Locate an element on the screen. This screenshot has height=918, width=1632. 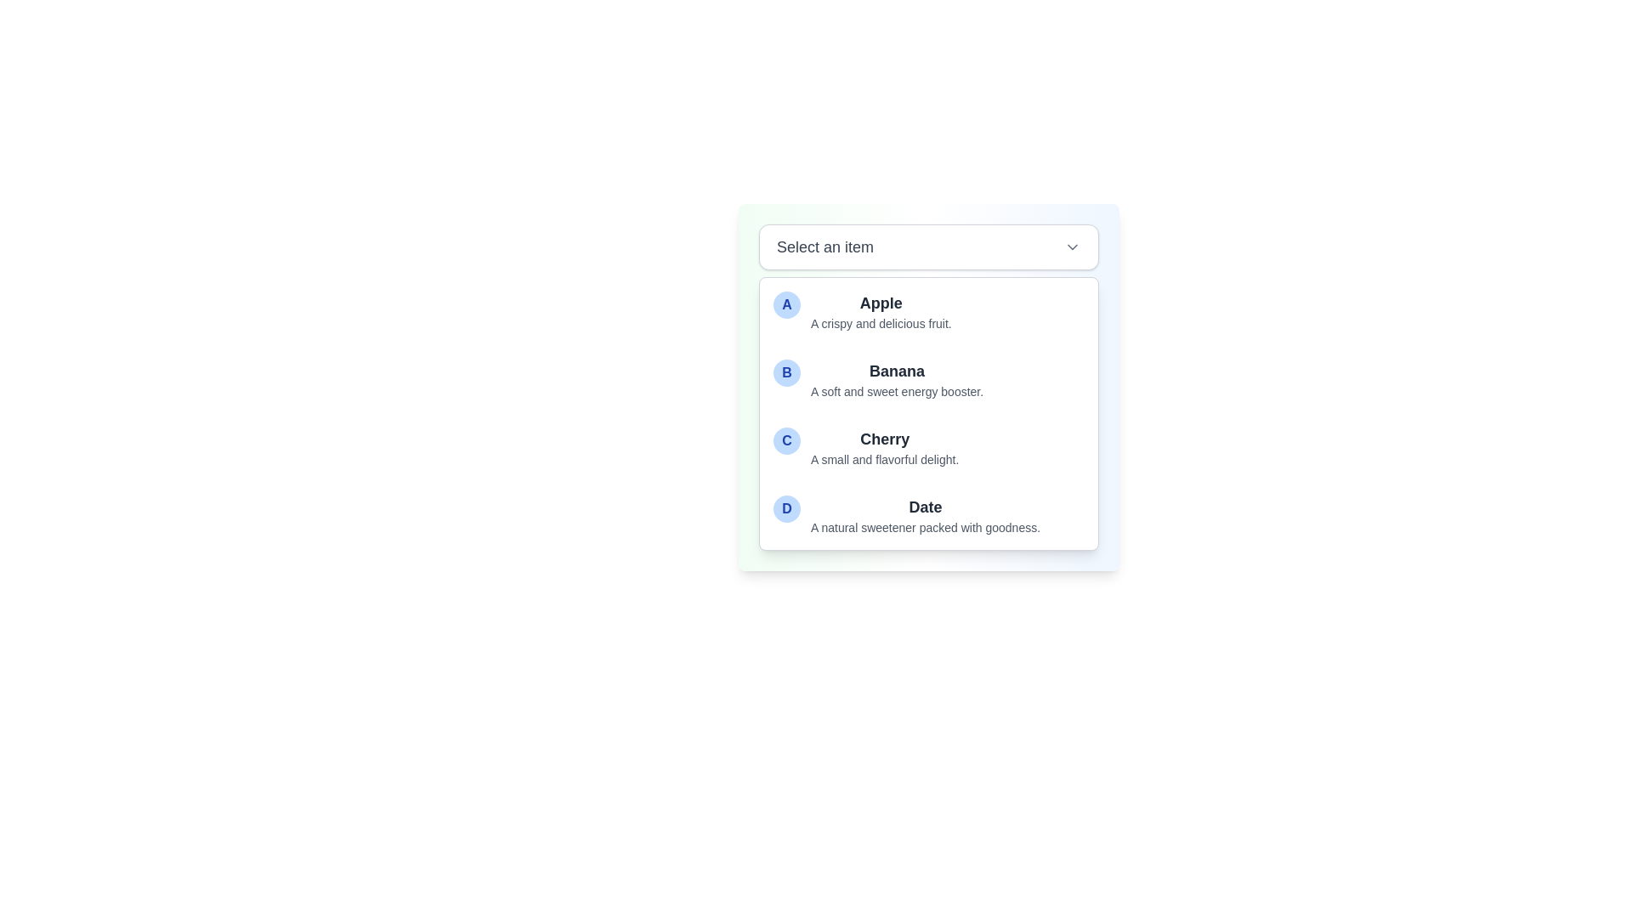
the selectable list item titled 'Date' which has a blue circular icon with the letter 'D' and a description below it is located at coordinates (928, 514).